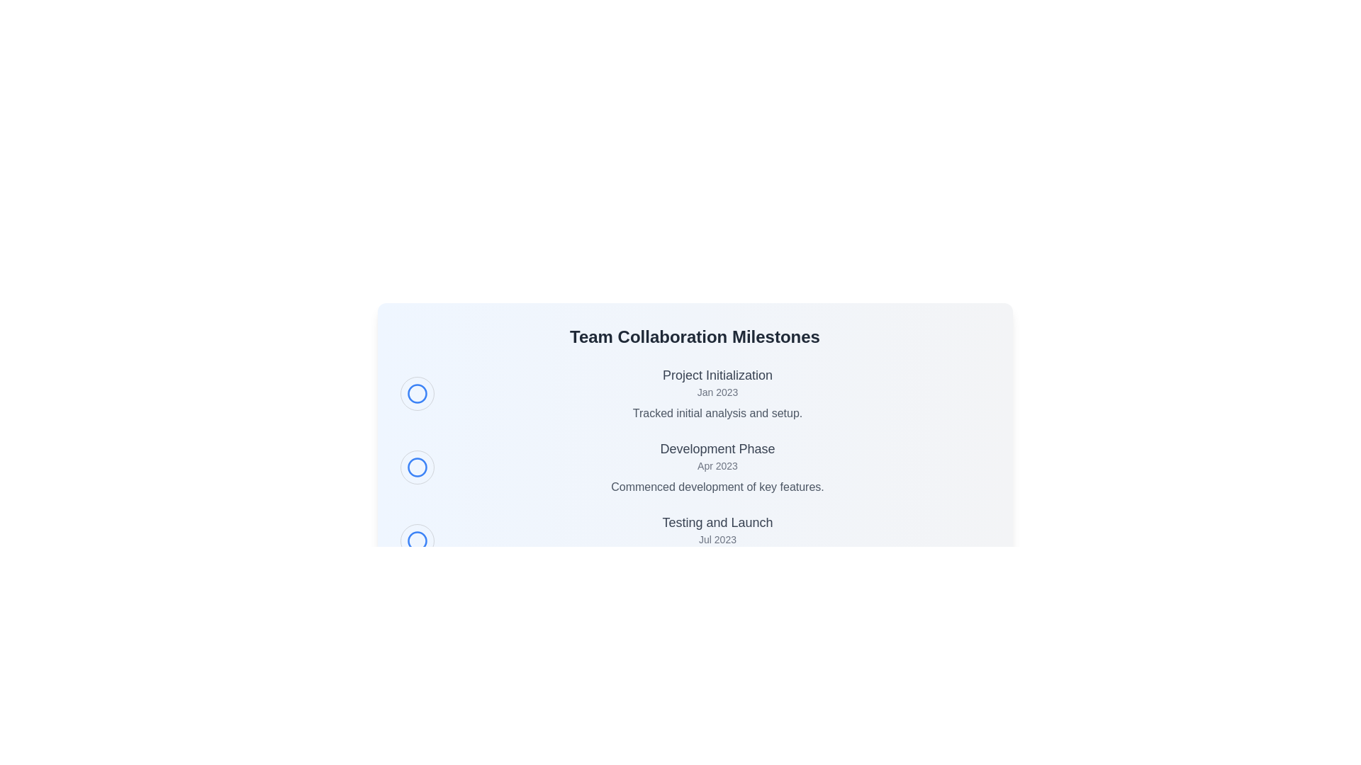  Describe the element at coordinates (717, 413) in the screenshot. I see `the descriptive text summarizing activities related to the milestone, located under the title 'Project Initialization' and the date 'Jan 2023'` at that location.